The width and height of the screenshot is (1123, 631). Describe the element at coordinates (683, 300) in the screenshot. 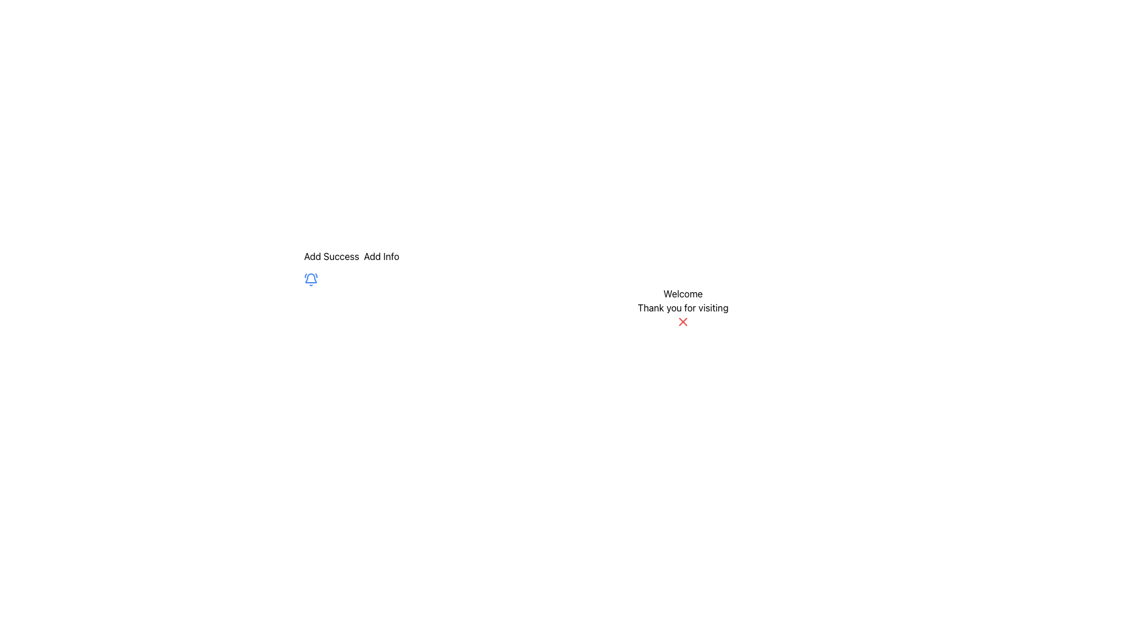

I see `the text element displaying 'Welcome' and 'Thank you for visiting' in the notification section, which is center-aligned and positioned below the bell icon` at that location.